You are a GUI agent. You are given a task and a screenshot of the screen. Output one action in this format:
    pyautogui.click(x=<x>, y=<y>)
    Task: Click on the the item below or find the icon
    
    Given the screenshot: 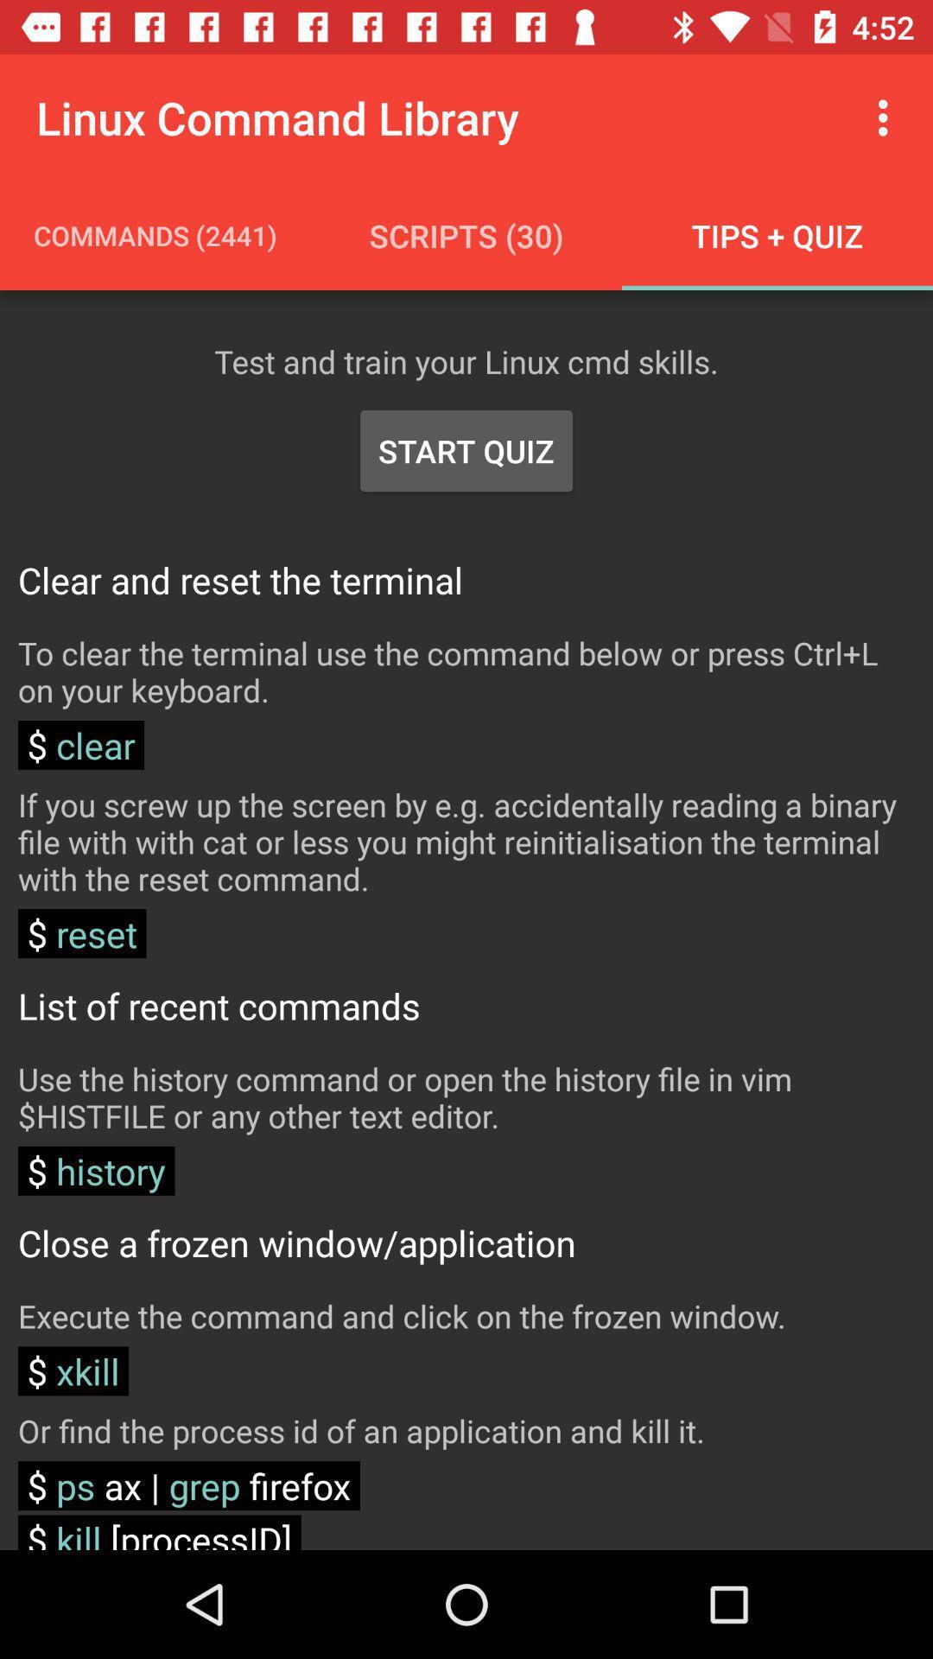 What is the action you would take?
    pyautogui.click(x=189, y=1484)
    